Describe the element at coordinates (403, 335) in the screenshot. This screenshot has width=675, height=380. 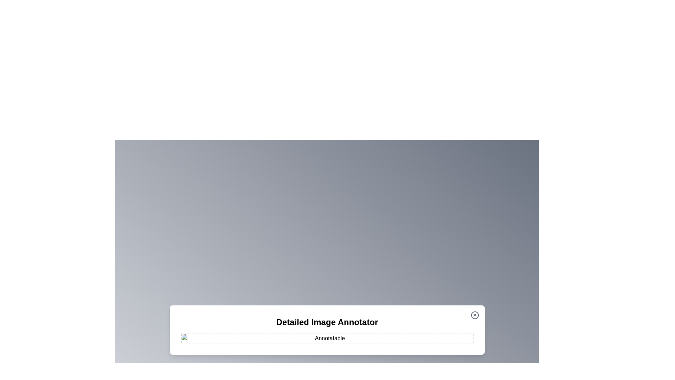
I see `the image at coordinates (1147, 954) to add an annotation` at that location.